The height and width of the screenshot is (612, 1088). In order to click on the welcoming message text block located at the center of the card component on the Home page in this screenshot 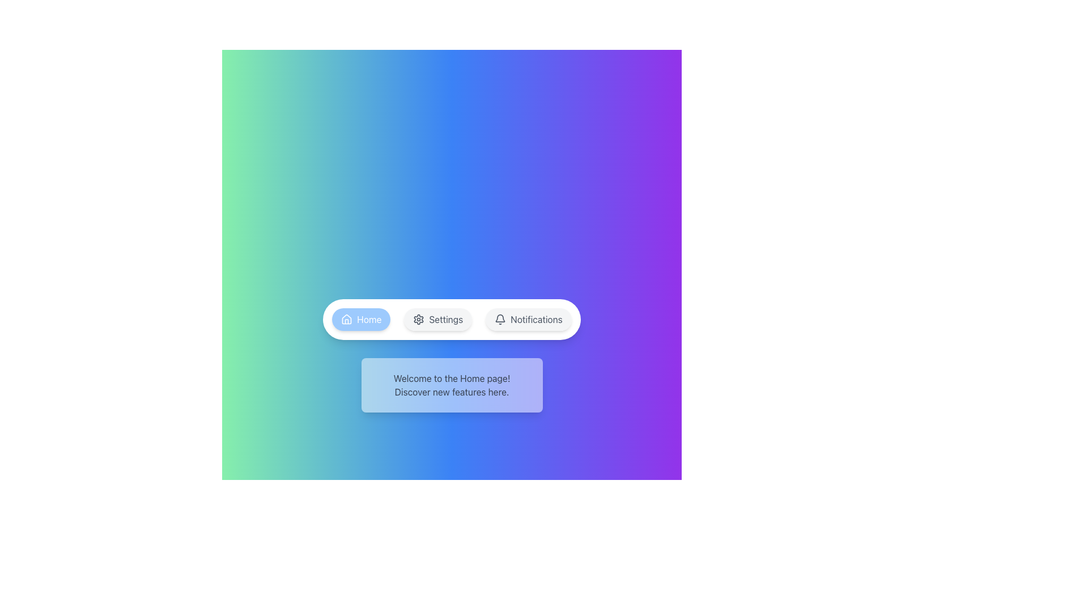, I will do `click(451, 384)`.